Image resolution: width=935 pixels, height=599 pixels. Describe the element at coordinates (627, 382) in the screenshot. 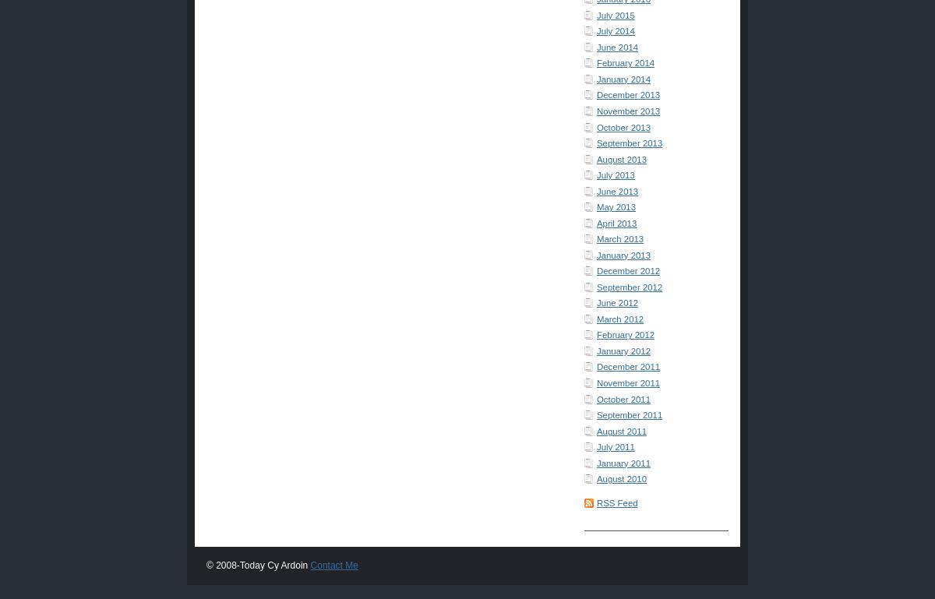

I see `'November 2011'` at that location.